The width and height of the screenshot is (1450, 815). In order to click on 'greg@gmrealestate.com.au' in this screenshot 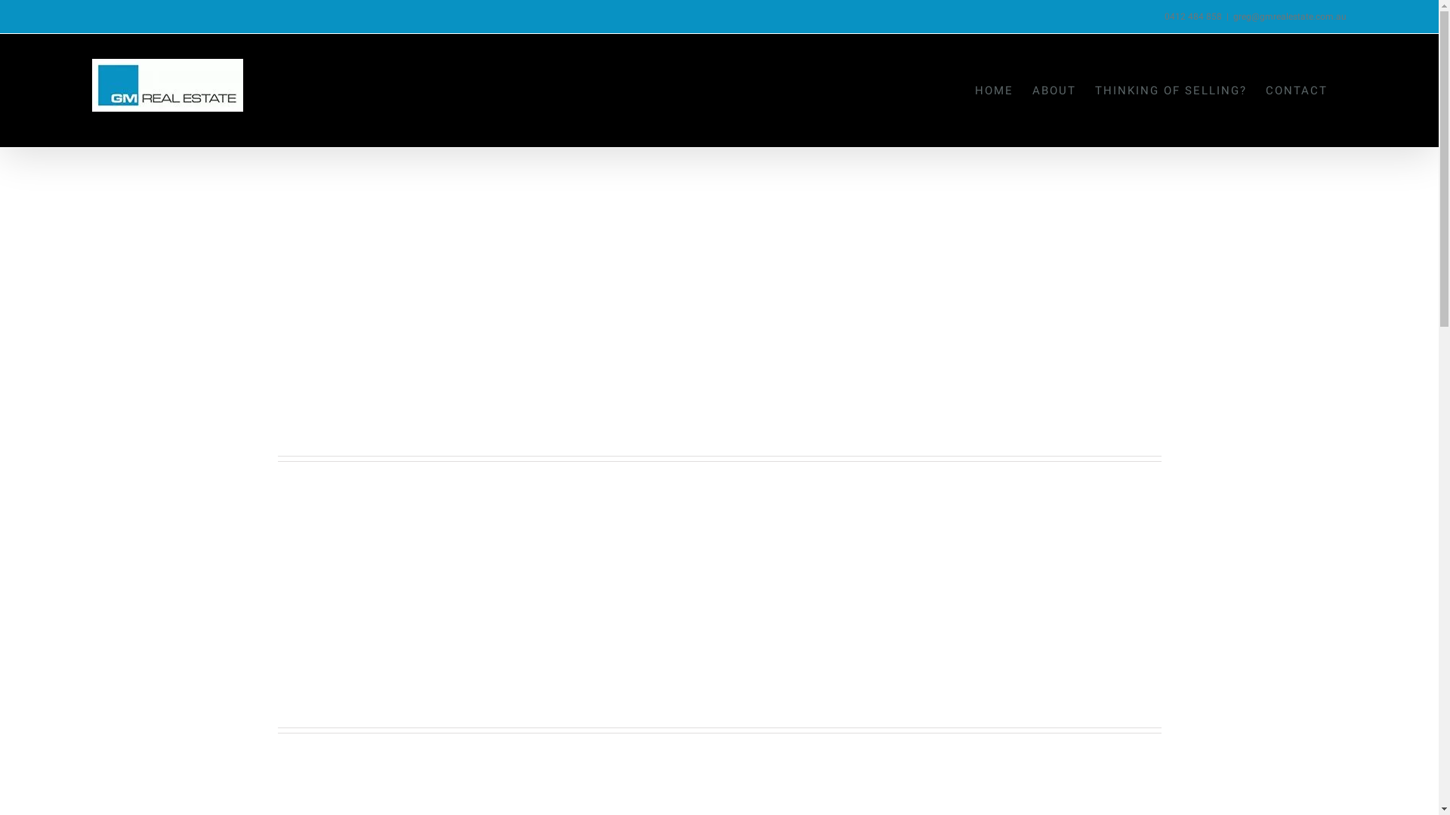, I will do `click(1289, 17)`.